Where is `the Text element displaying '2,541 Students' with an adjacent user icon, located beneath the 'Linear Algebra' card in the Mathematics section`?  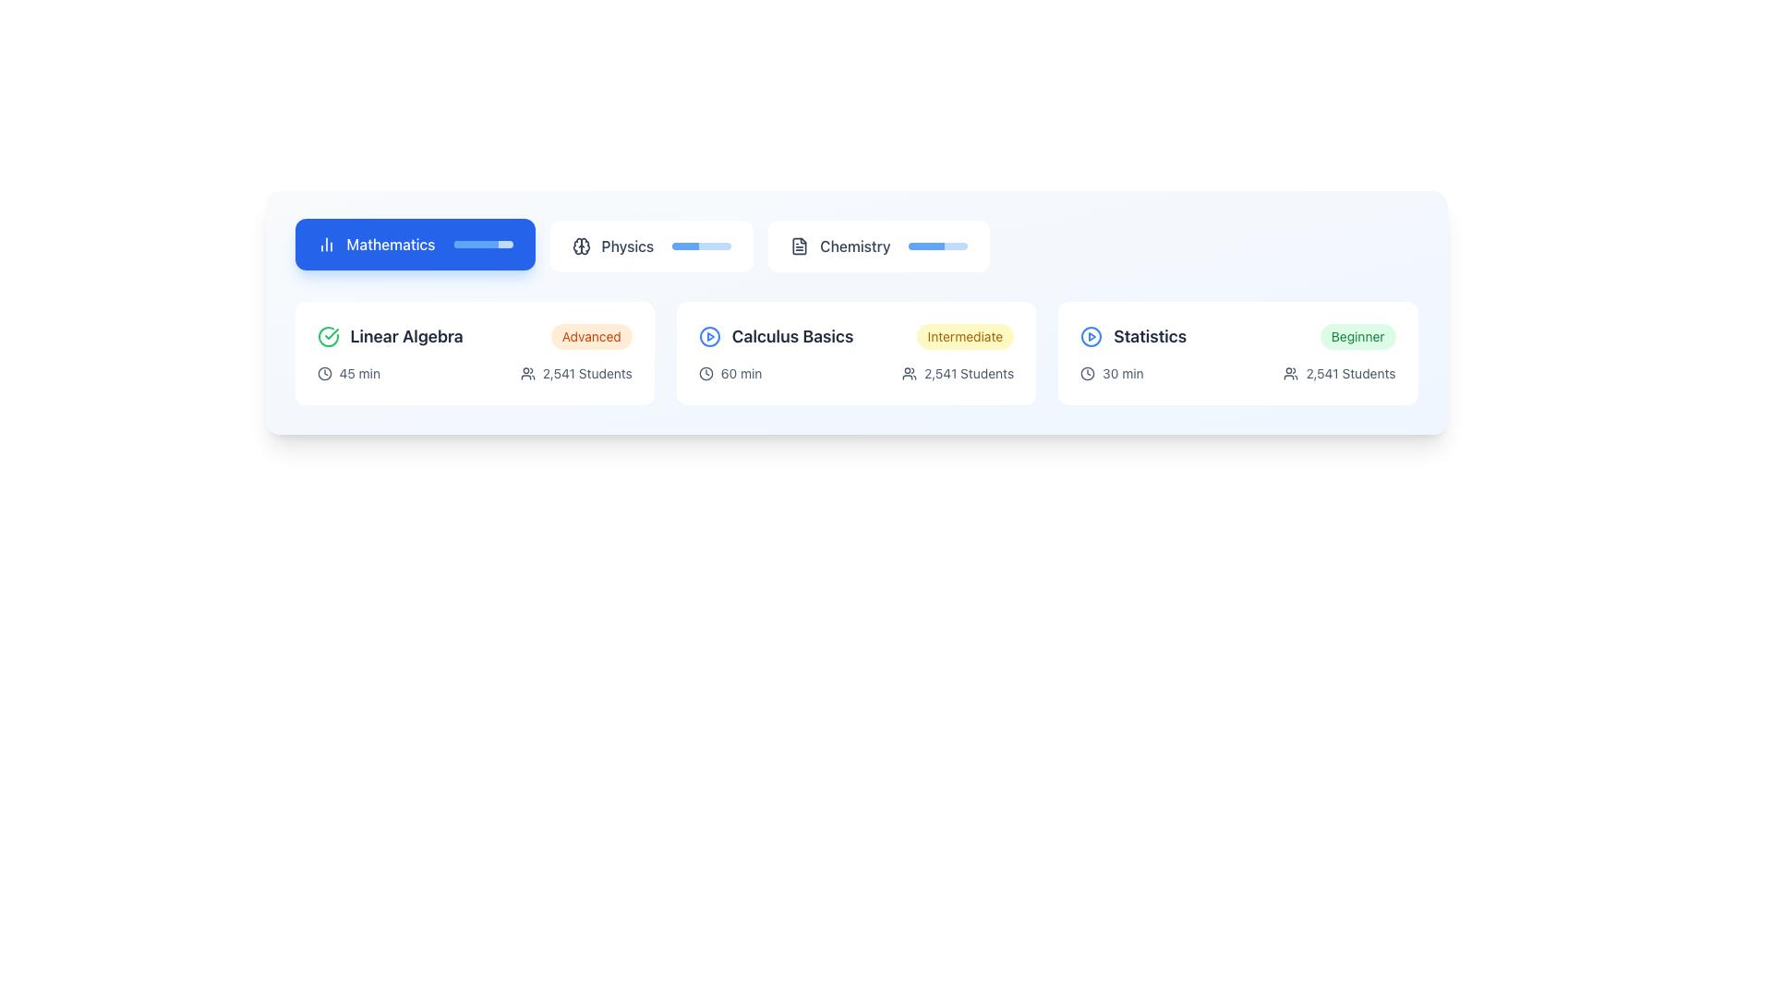 the Text element displaying '2,541 Students' with an adjacent user icon, located beneath the 'Linear Algebra' card in the Mathematics section is located at coordinates (575, 374).